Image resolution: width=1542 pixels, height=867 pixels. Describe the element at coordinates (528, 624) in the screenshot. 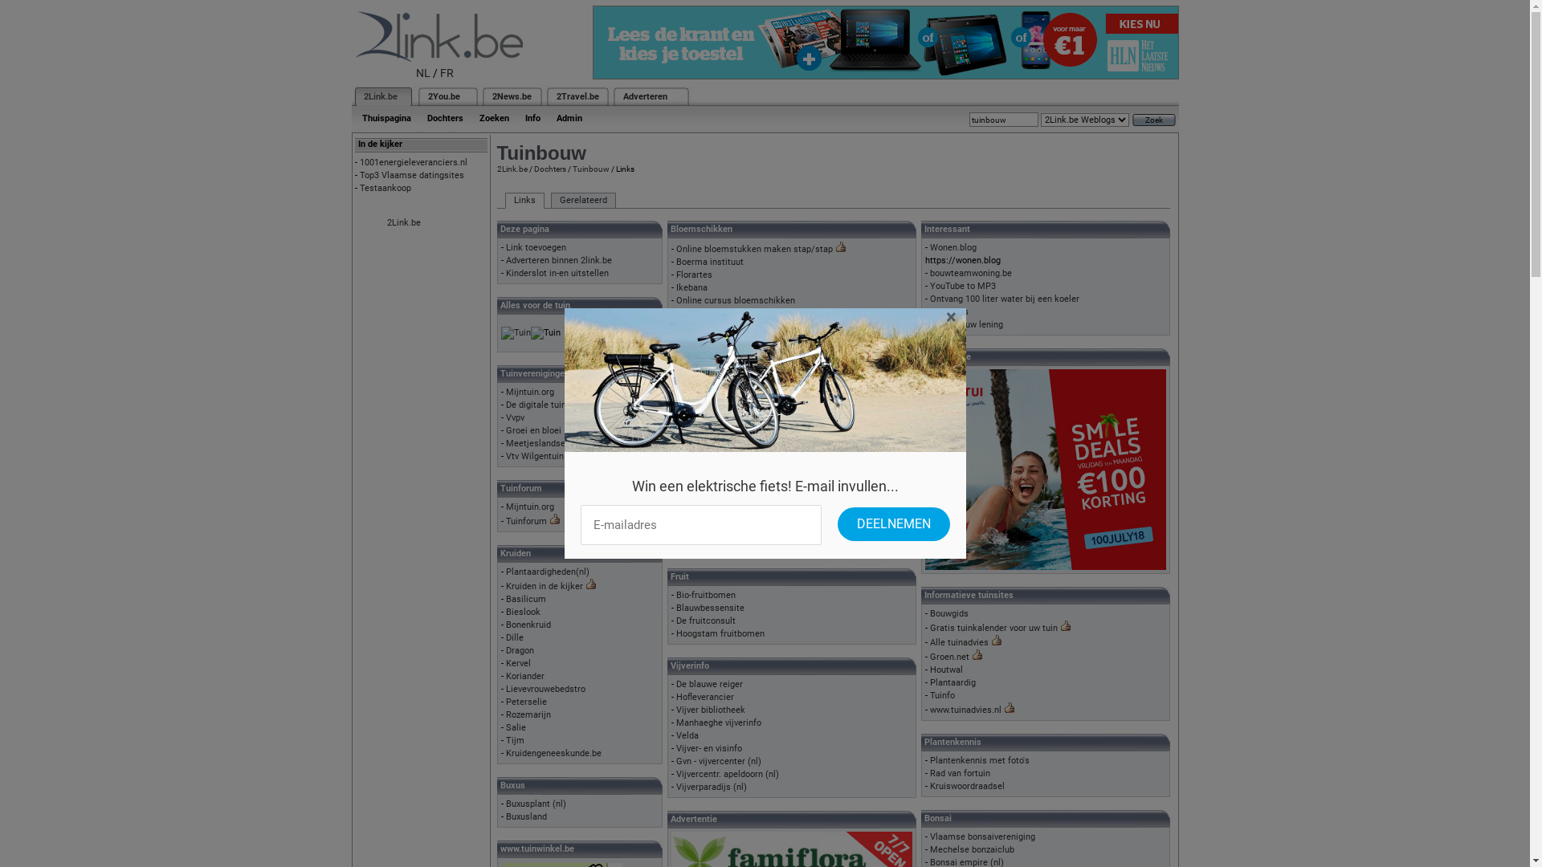

I see `'Bonenkruid'` at that location.